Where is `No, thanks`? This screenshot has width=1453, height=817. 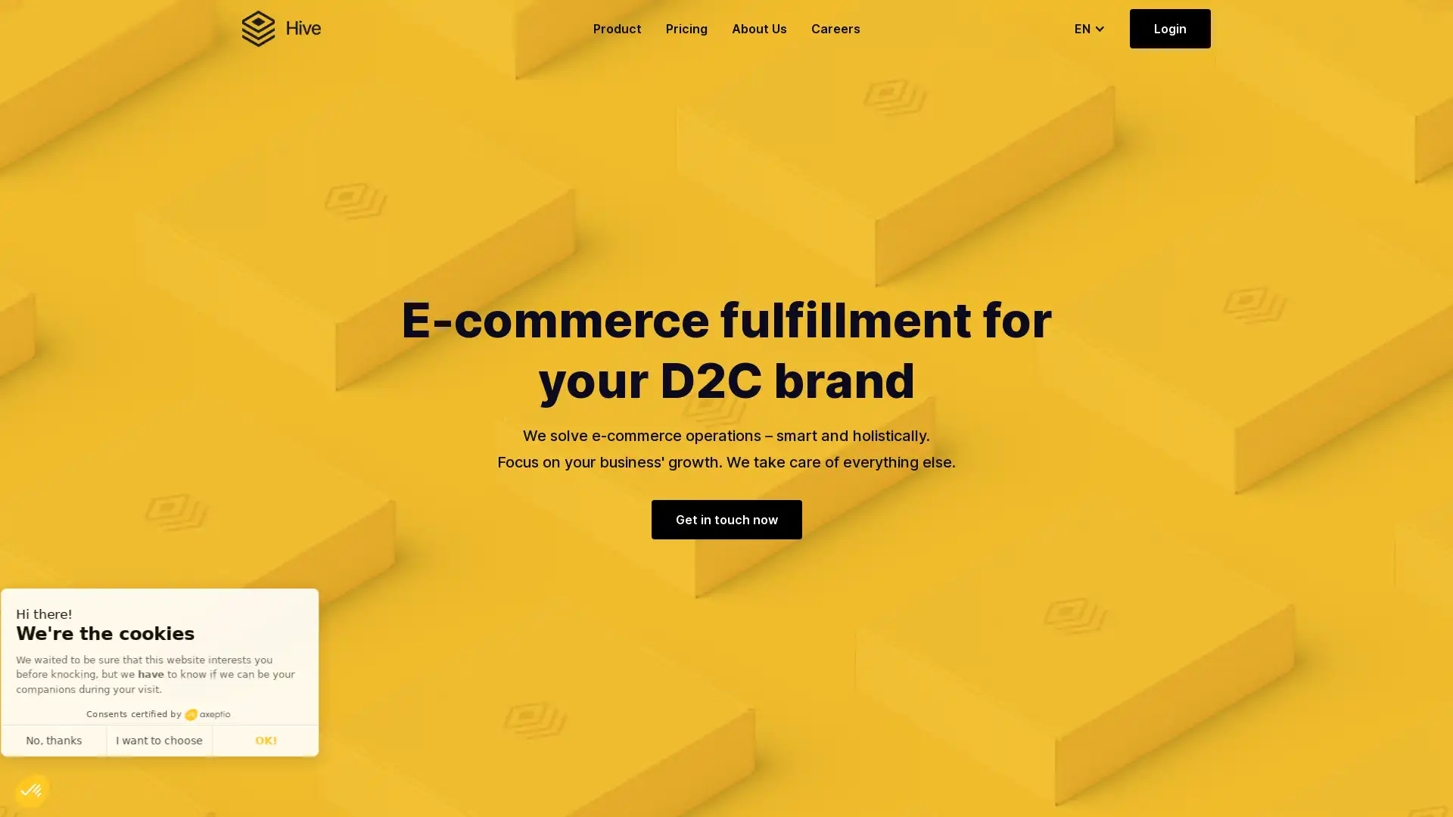 No, thanks is located at coordinates (67, 740).